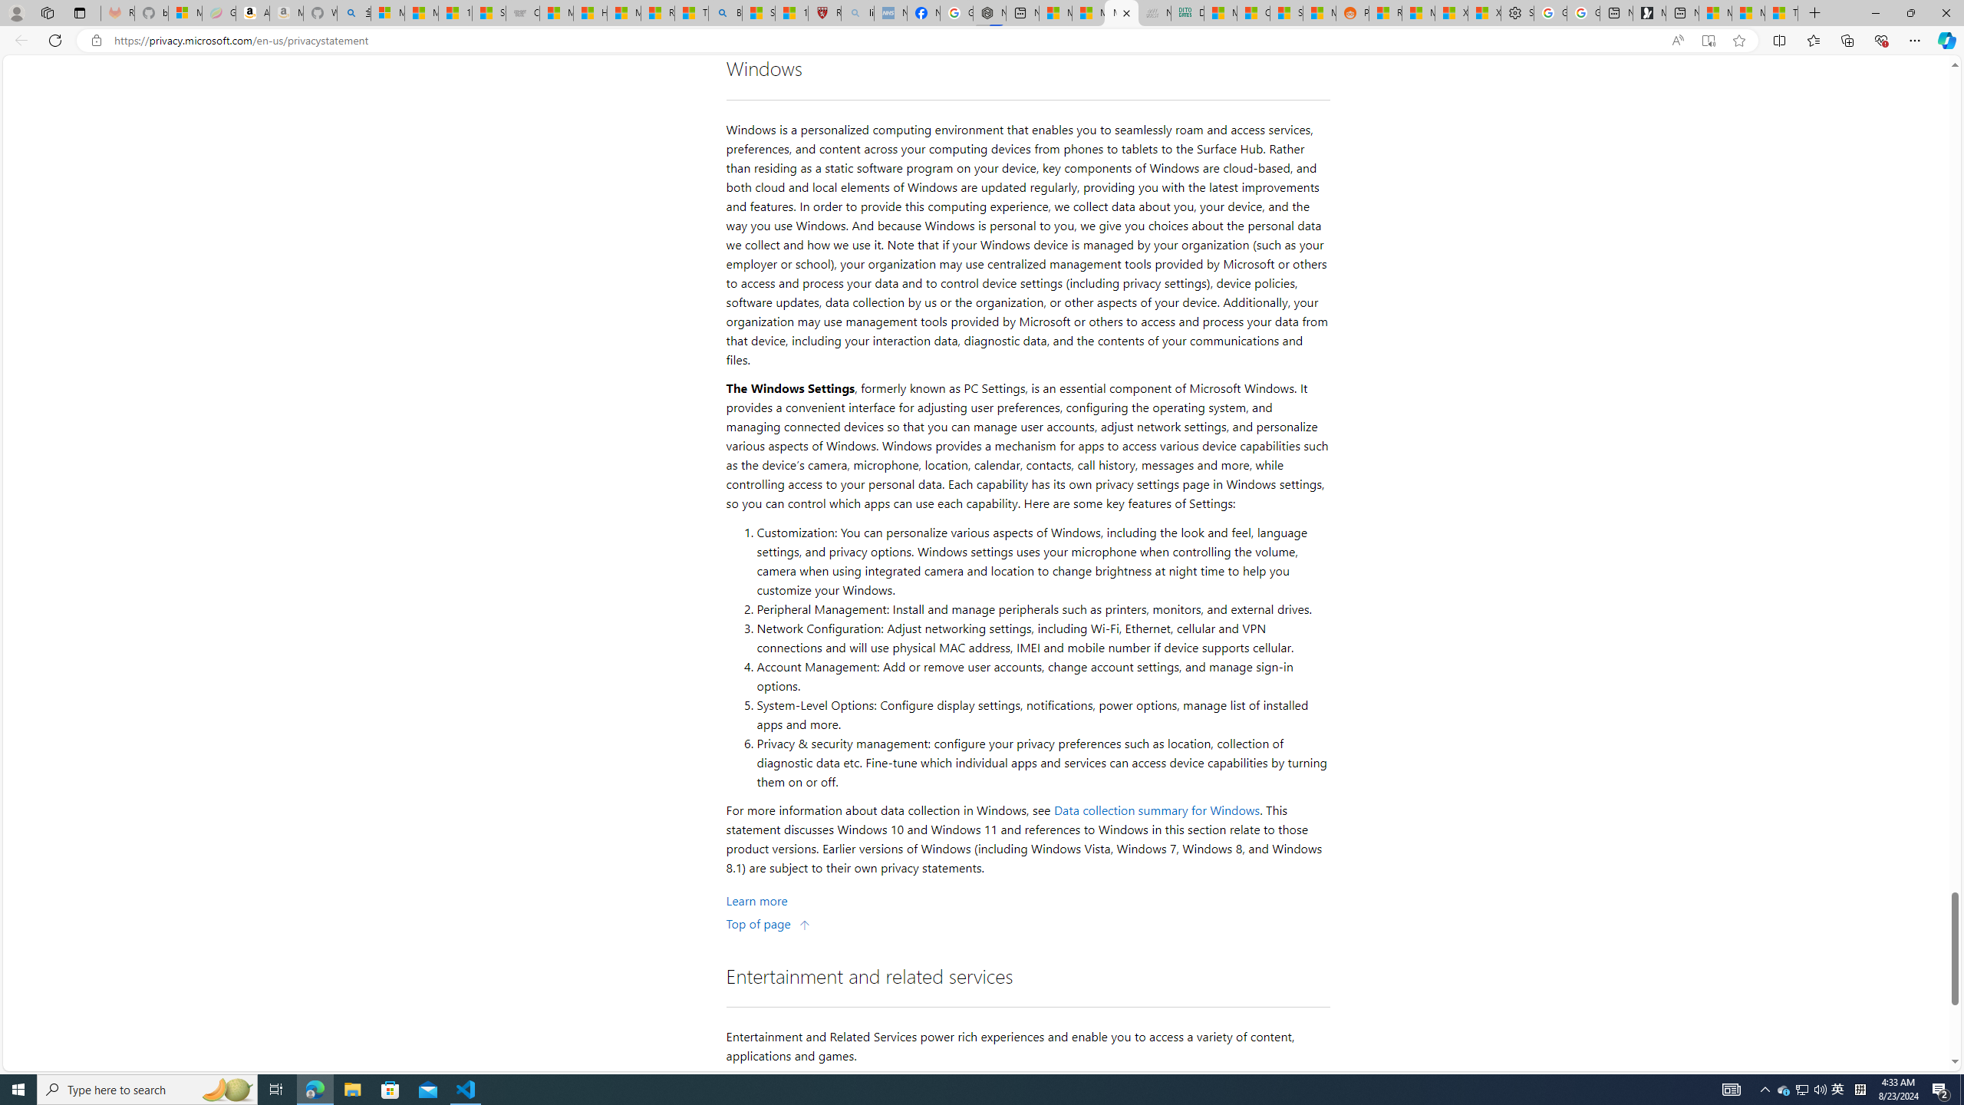 The image size is (1964, 1105). Describe the element at coordinates (1154, 12) in the screenshot. I see `'Navy Quest'` at that location.